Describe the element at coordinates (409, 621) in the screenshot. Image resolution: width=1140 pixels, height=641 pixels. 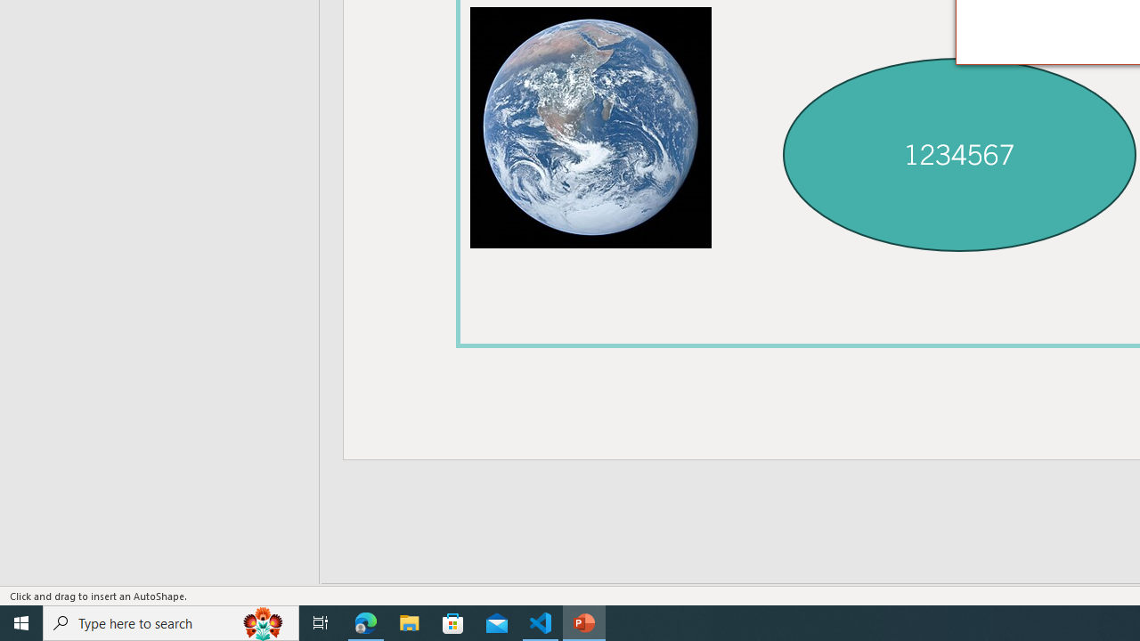
I see `'File Explorer'` at that location.